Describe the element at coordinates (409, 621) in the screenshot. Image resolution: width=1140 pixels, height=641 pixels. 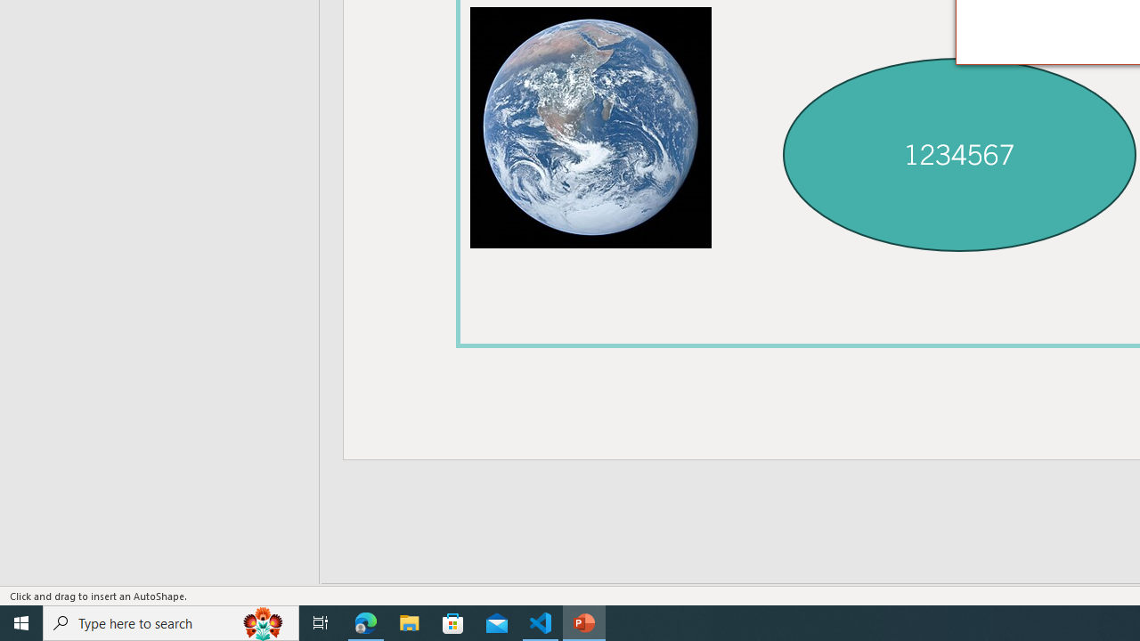
I see `'File Explorer'` at that location.